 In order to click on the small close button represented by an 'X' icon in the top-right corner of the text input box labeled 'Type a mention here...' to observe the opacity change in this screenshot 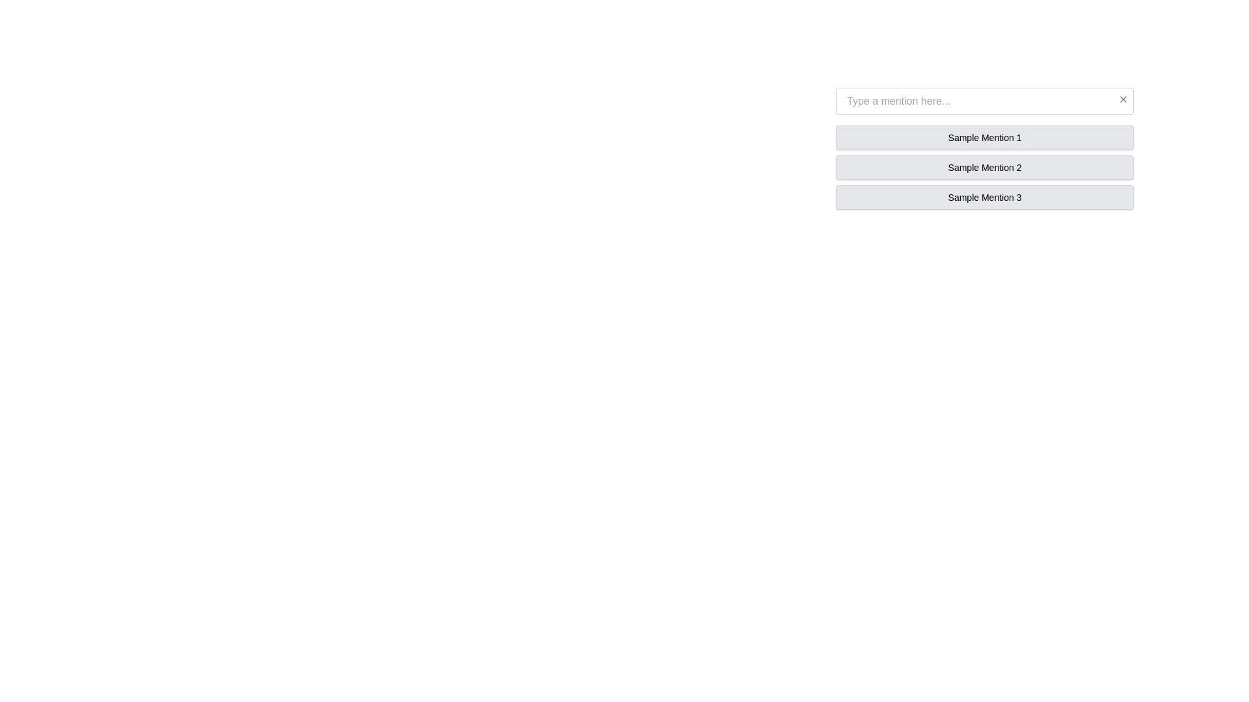, I will do `click(1123, 99)`.